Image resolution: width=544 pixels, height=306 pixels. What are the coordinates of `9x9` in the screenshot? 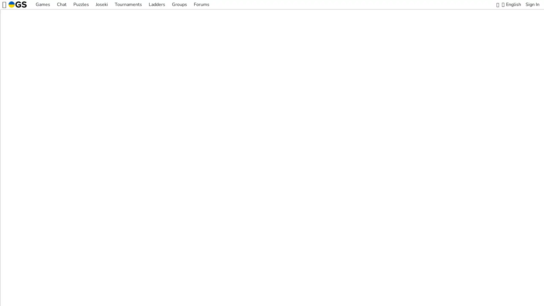 It's located at (239, 224).